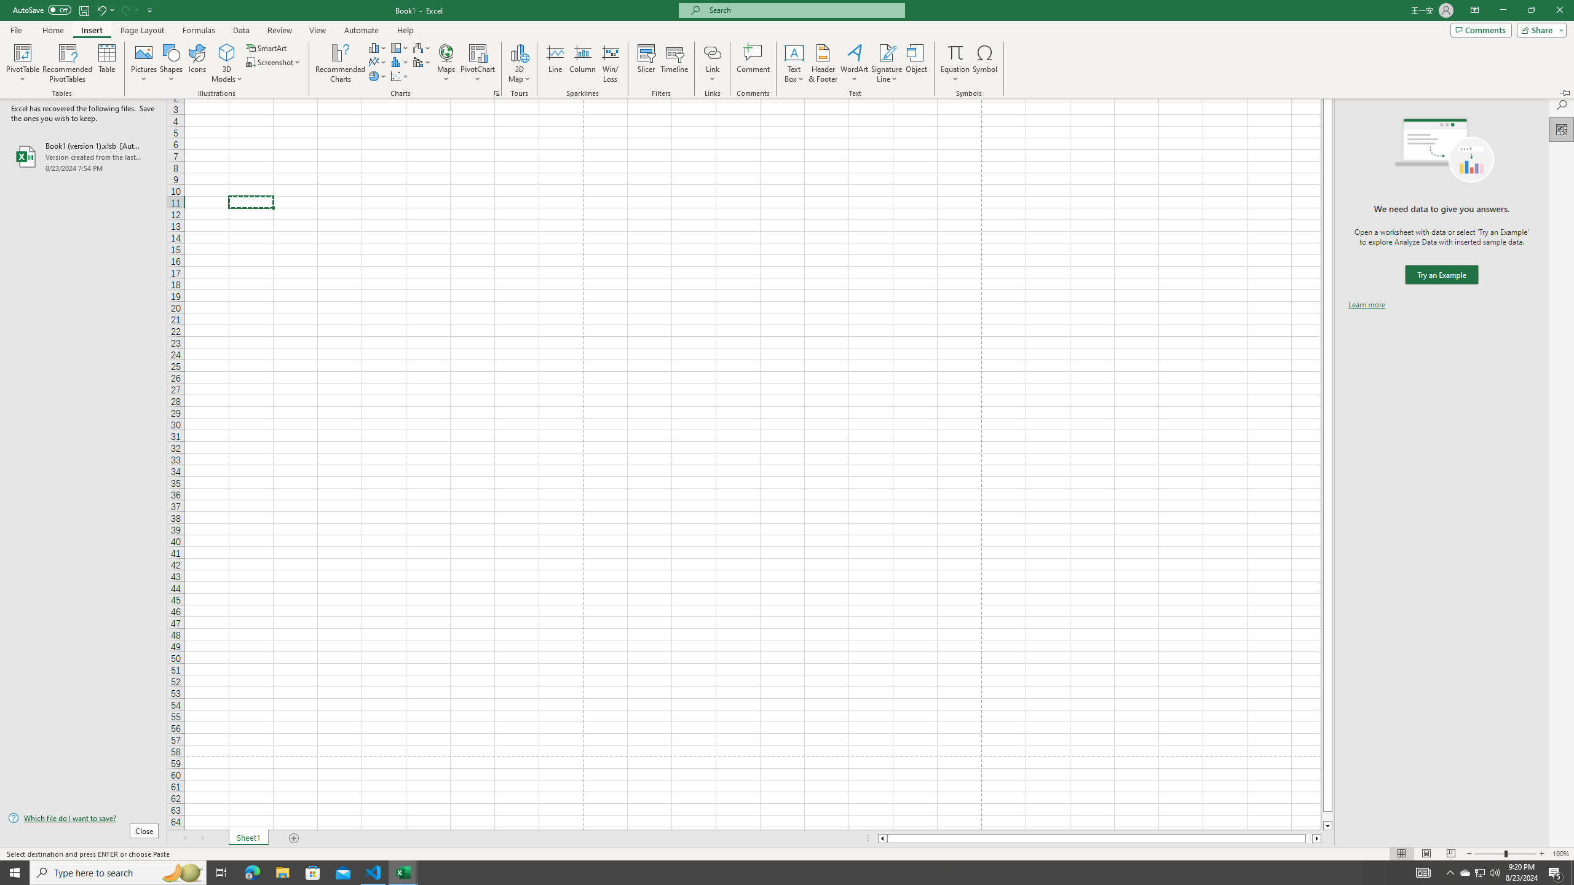 Image resolution: width=1574 pixels, height=885 pixels. What do you see at coordinates (1556, 871) in the screenshot?
I see `'Action Center, 5 new notifications'` at bounding box center [1556, 871].